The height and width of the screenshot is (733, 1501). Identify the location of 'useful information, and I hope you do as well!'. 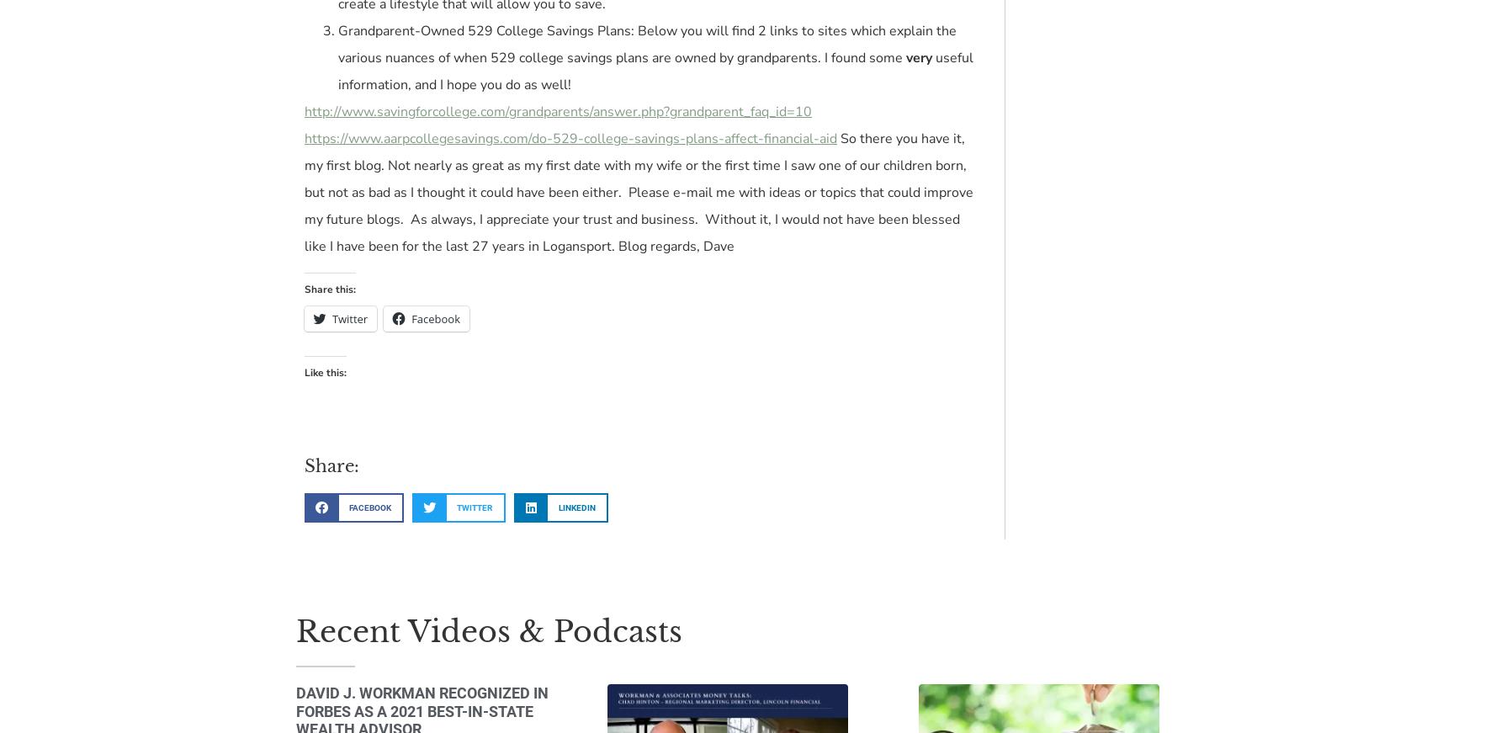
(337, 71).